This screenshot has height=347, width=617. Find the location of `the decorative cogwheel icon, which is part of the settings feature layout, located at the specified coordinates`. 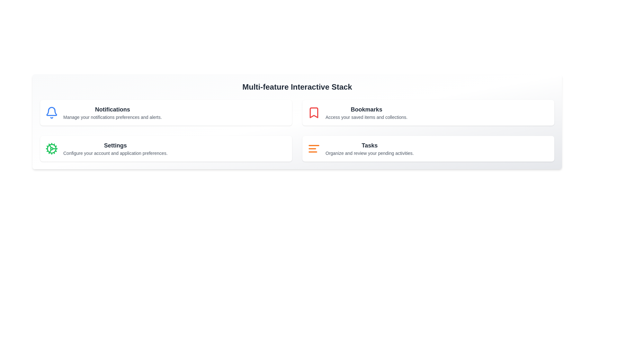

the decorative cogwheel icon, which is part of the settings feature layout, located at the specified coordinates is located at coordinates (50, 151).